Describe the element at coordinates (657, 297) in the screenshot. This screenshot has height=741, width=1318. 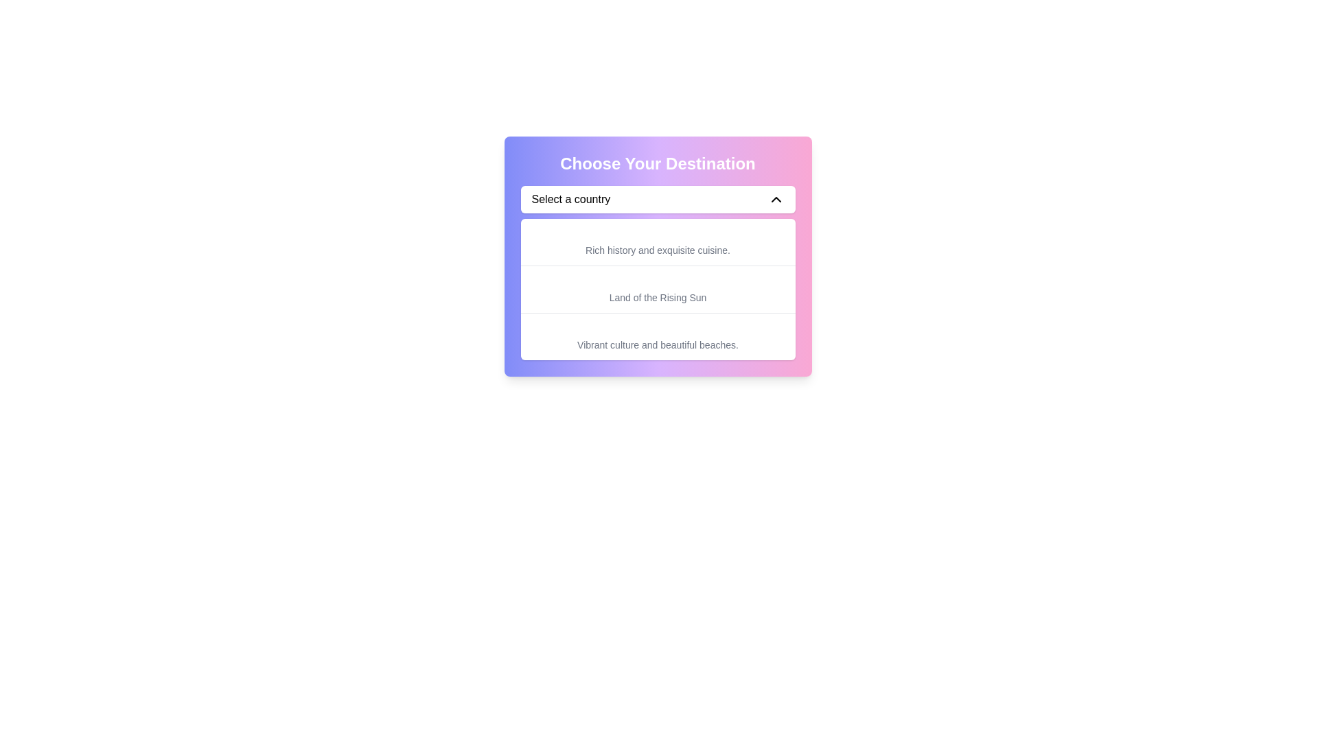
I see `the static text label that provides additional context about 'Japan', which reads 'Land of the Rising Sun'` at that location.